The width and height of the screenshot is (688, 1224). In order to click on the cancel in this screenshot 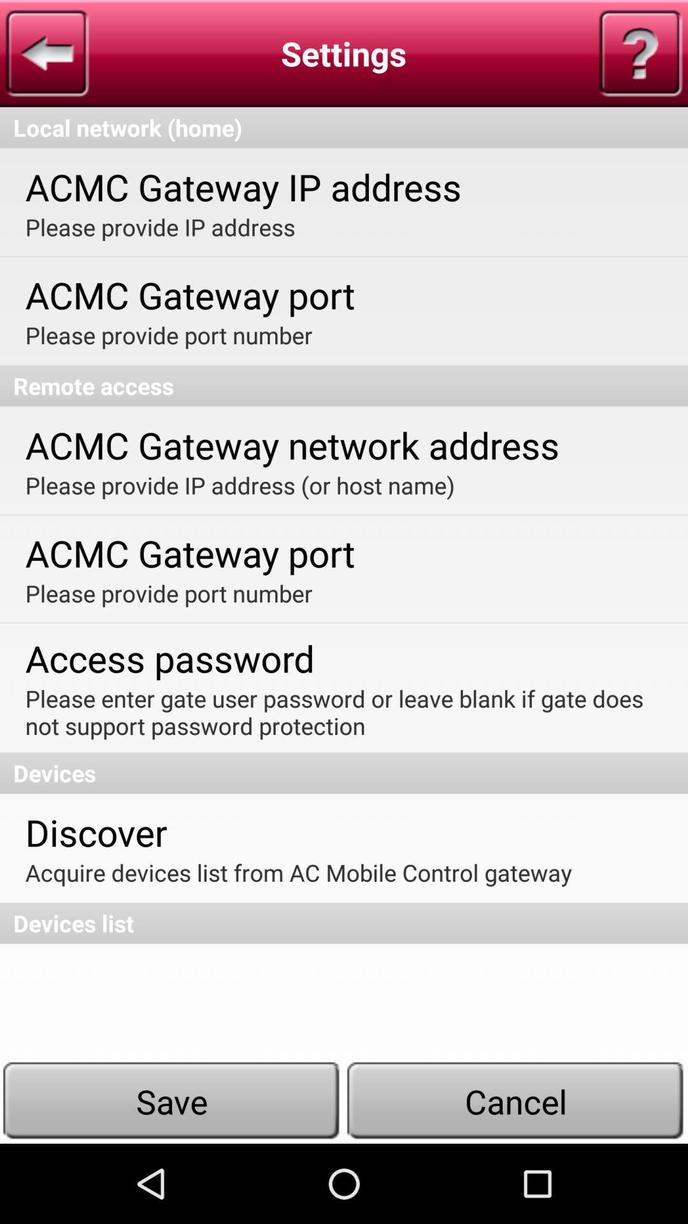, I will do `click(516, 1100)`.